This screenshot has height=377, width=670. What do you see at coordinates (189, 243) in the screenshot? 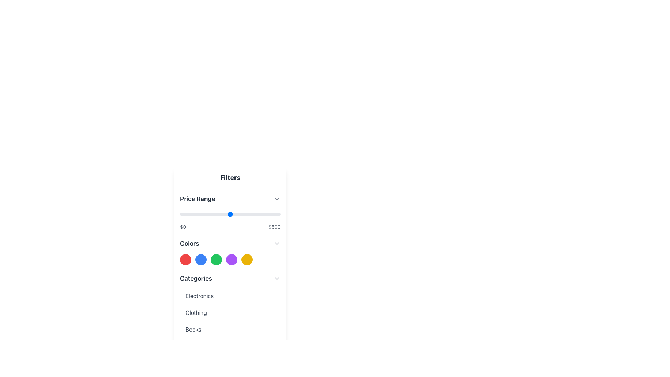
I see `'Colors' text label, which is a bold, dark-colored heading located in the 'Filters' section, above the colored circle buttons` at bounding box center [189, 243].